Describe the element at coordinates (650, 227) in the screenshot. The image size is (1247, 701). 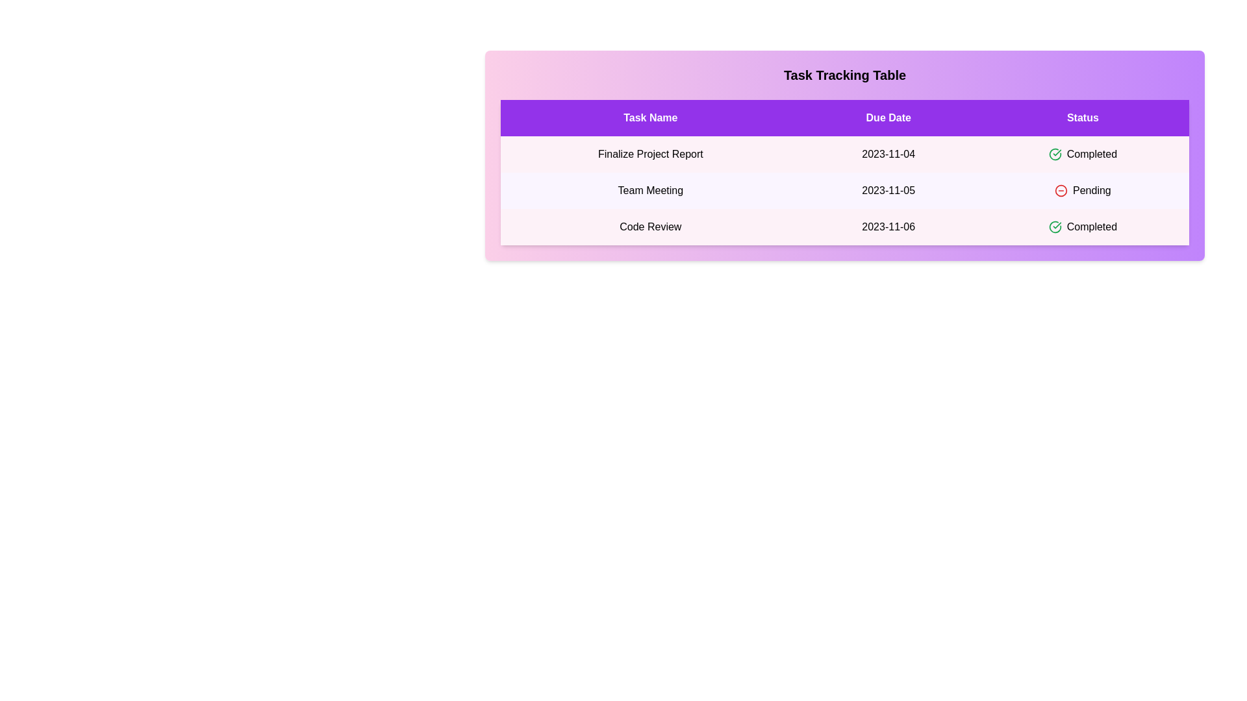
I see `the text 'Code Review' in the table cell` at that location.